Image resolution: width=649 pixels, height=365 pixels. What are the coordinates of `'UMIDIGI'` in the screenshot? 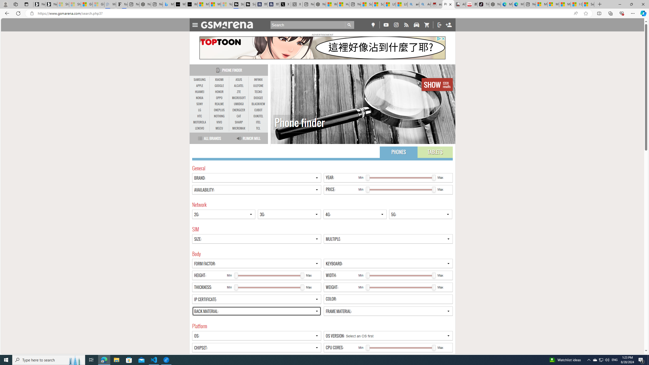 It's located at (239, 104).